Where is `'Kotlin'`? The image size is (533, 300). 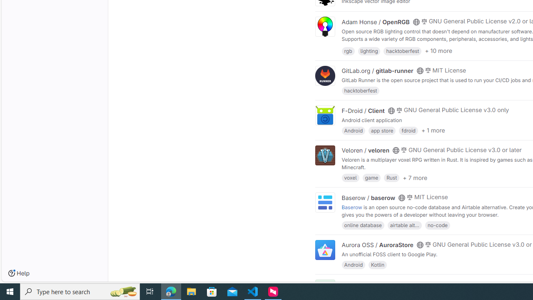
'Kotlin' is located at coordinates (377, 265).